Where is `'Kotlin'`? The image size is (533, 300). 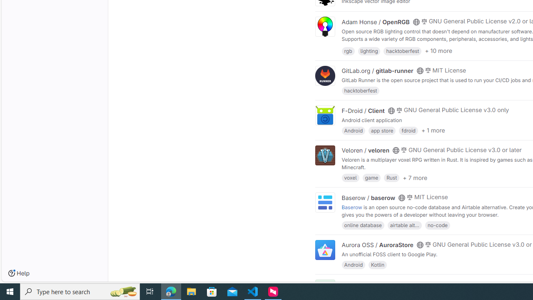
'Kotlin' is located at coordinates (377, 265).